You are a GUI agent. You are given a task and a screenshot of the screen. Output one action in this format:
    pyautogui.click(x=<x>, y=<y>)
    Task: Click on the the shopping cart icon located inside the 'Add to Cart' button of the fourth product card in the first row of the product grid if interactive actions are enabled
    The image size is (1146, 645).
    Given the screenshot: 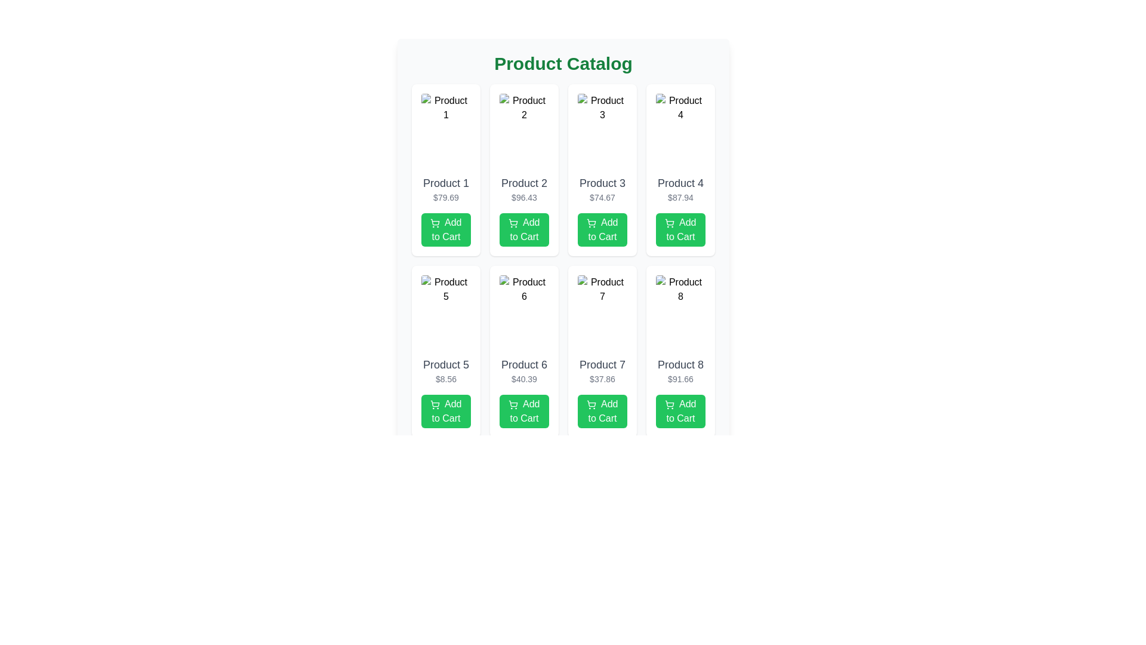 What is the action you would take?
    pyautogui.click(x=670, y=223)
    